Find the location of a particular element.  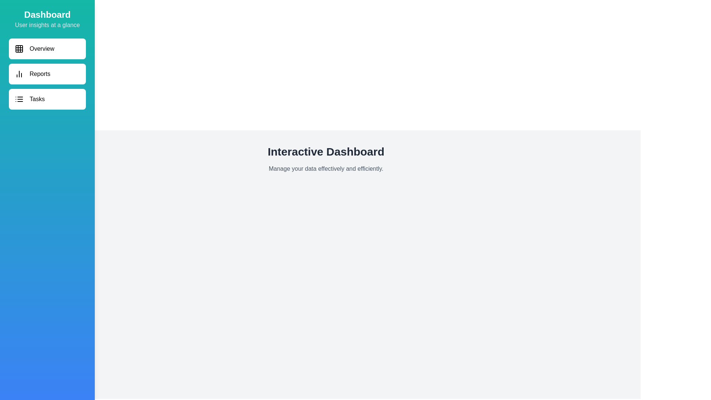

the navigation item Reports to navigate to the corresponding section is located at coordinates (47, 74).